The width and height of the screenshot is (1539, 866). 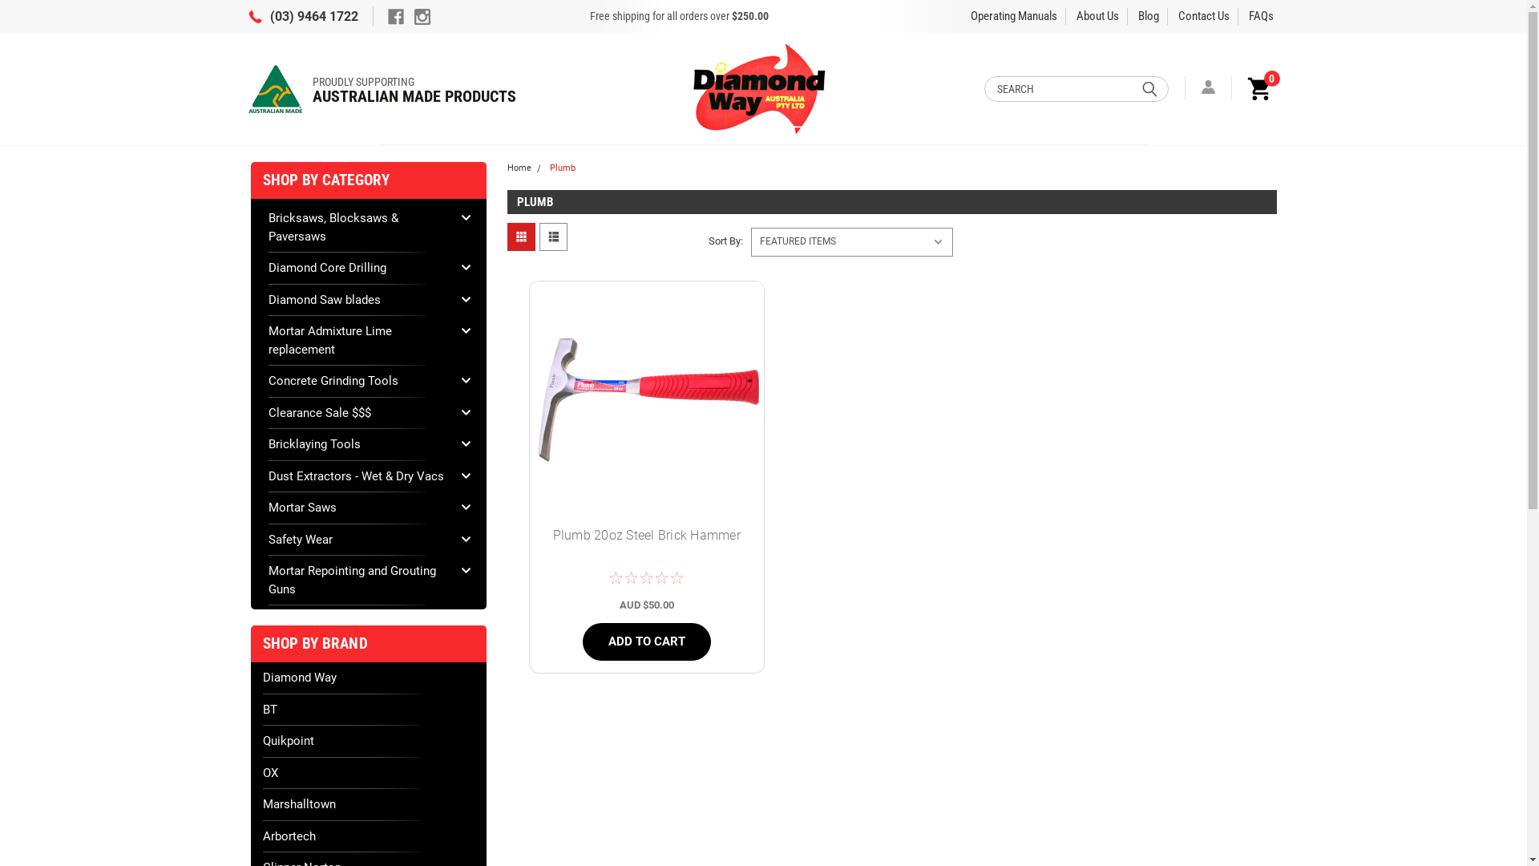 I want to click on 'Dust Extractors - Wet & Dry Vacs', so click(x=357, y=475).